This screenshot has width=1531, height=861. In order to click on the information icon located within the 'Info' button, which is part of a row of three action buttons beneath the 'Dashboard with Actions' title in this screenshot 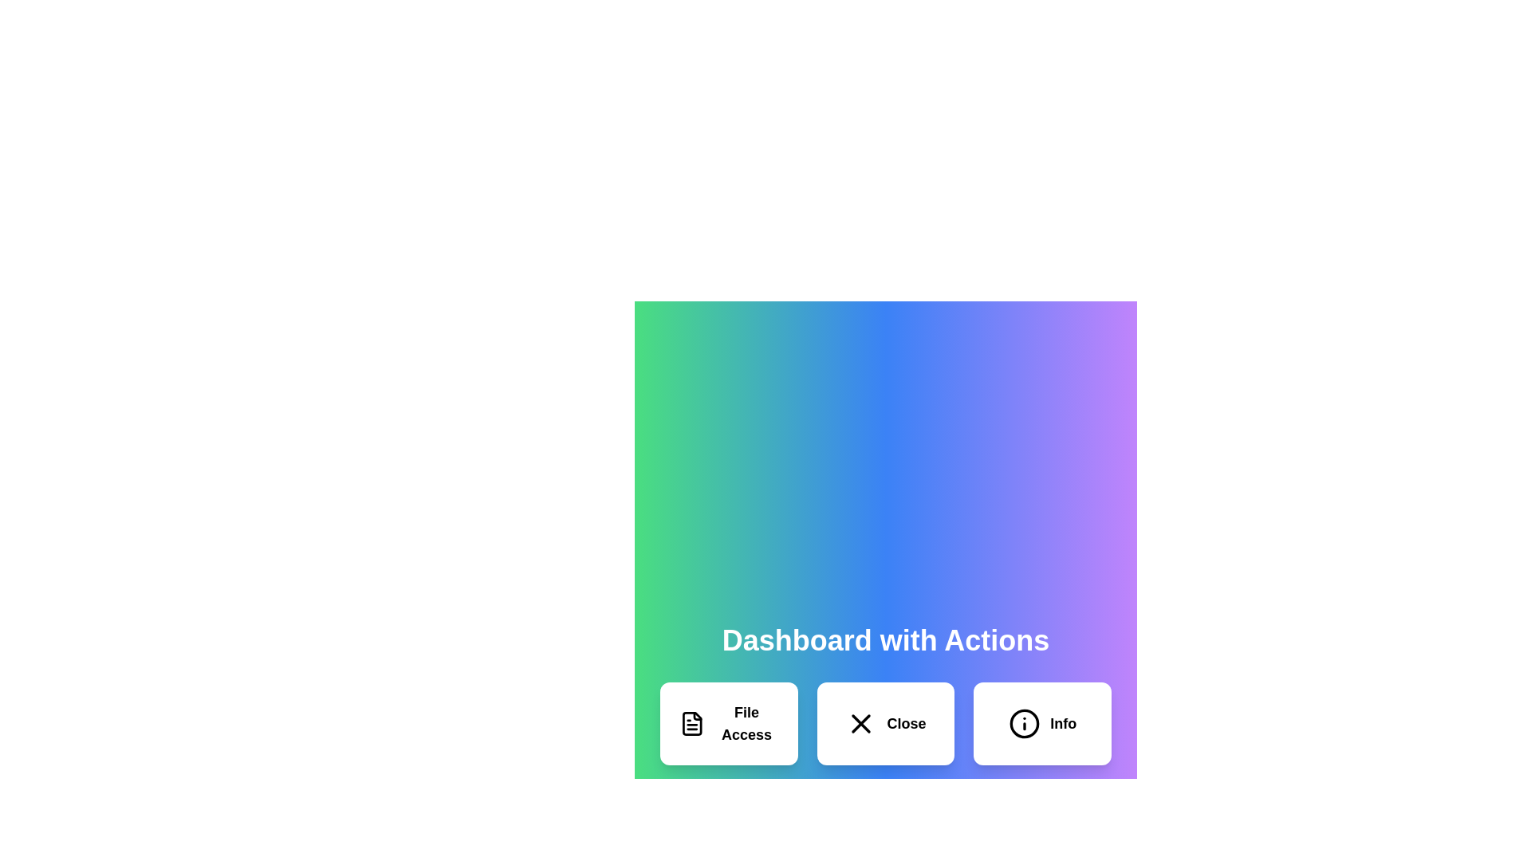, I will do `click(1025, 723)`.